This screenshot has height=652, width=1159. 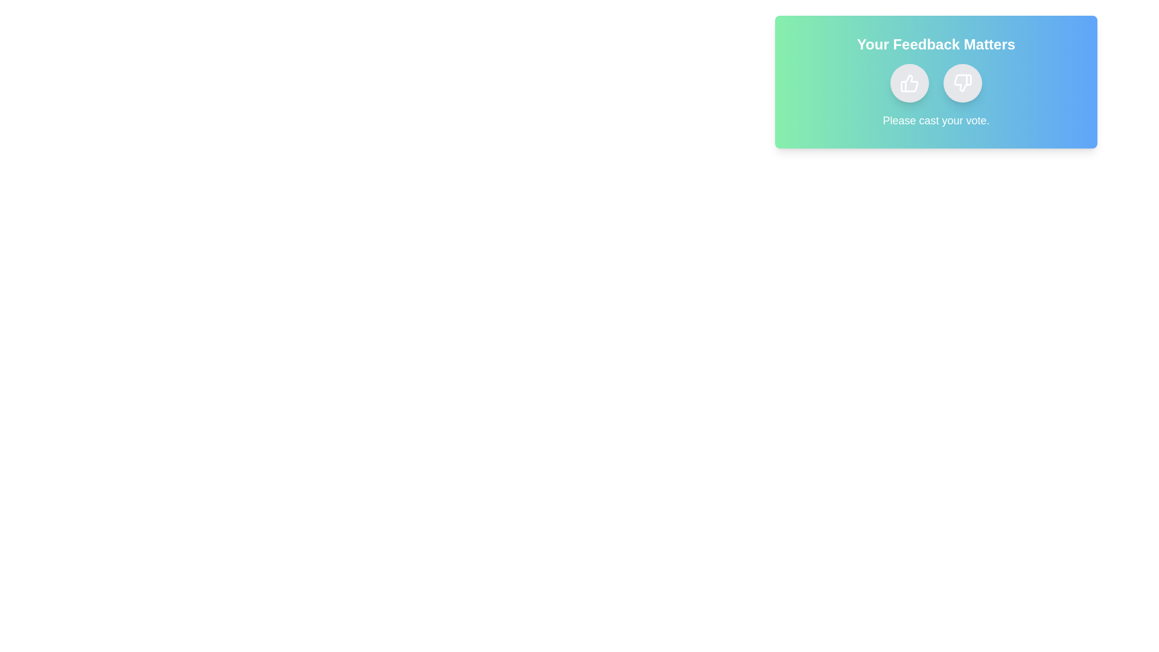 What do you see at coordinates (962, 83) in the screenshot?
I see `thumbs-down button to give a negative vote` at bounding box center [962, 83].